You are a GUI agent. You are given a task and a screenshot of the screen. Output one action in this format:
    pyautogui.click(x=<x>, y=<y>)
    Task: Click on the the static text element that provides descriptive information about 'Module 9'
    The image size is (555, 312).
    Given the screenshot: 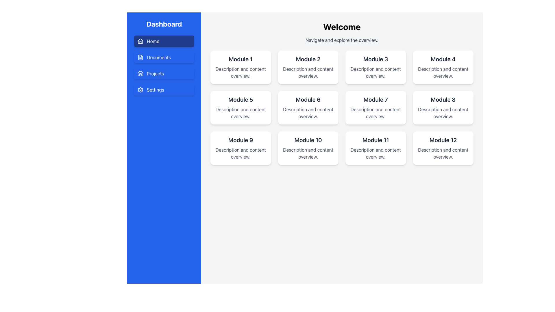 What is the action you would take?
    pyautogui.click(x=240, y=153)
    